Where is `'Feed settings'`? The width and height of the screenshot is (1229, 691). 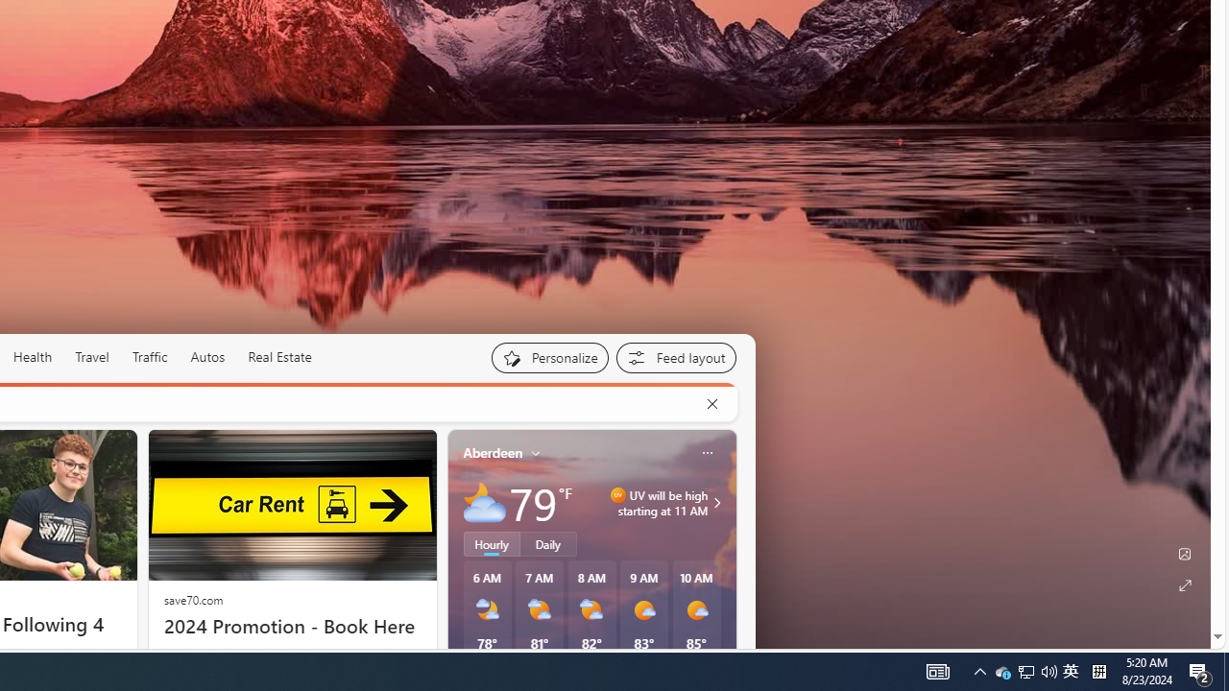
'Feed settings' is located at coordinates (676, 357).